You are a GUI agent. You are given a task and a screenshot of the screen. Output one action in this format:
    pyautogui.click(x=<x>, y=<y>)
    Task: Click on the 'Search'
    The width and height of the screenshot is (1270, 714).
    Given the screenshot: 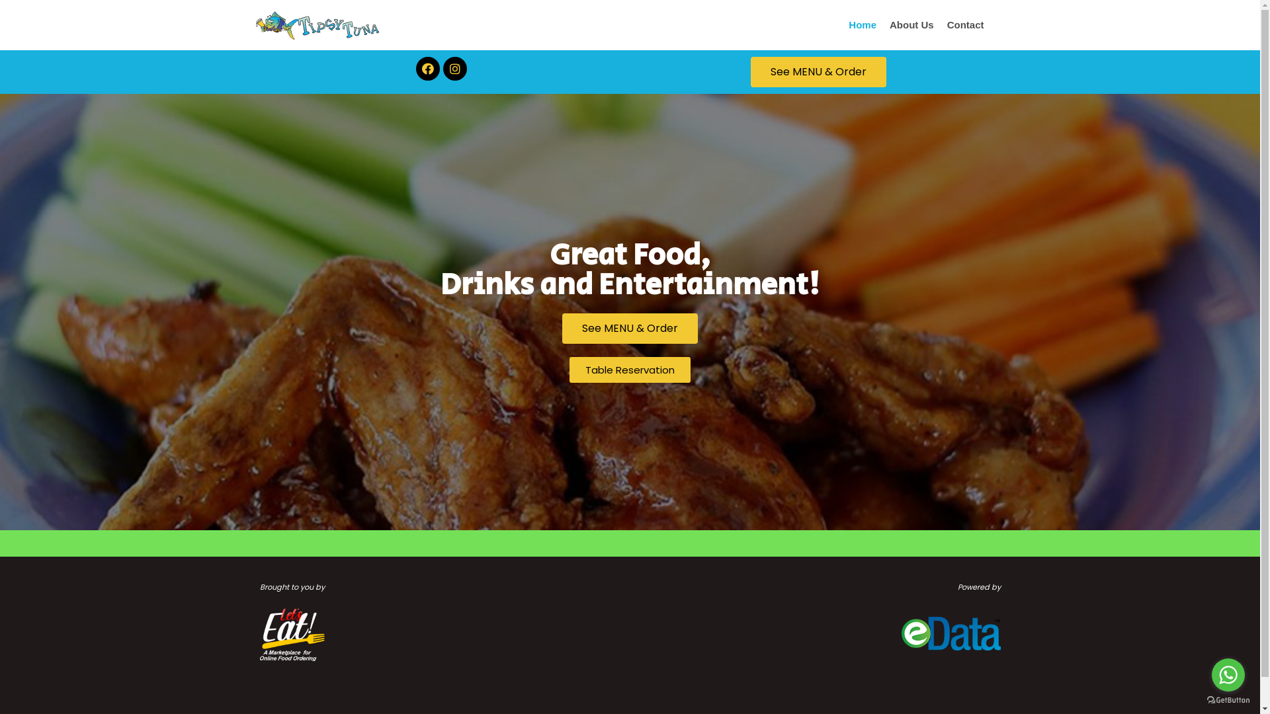 What is the action you would take?
    pyautogui.click(x=992, y=357)
    